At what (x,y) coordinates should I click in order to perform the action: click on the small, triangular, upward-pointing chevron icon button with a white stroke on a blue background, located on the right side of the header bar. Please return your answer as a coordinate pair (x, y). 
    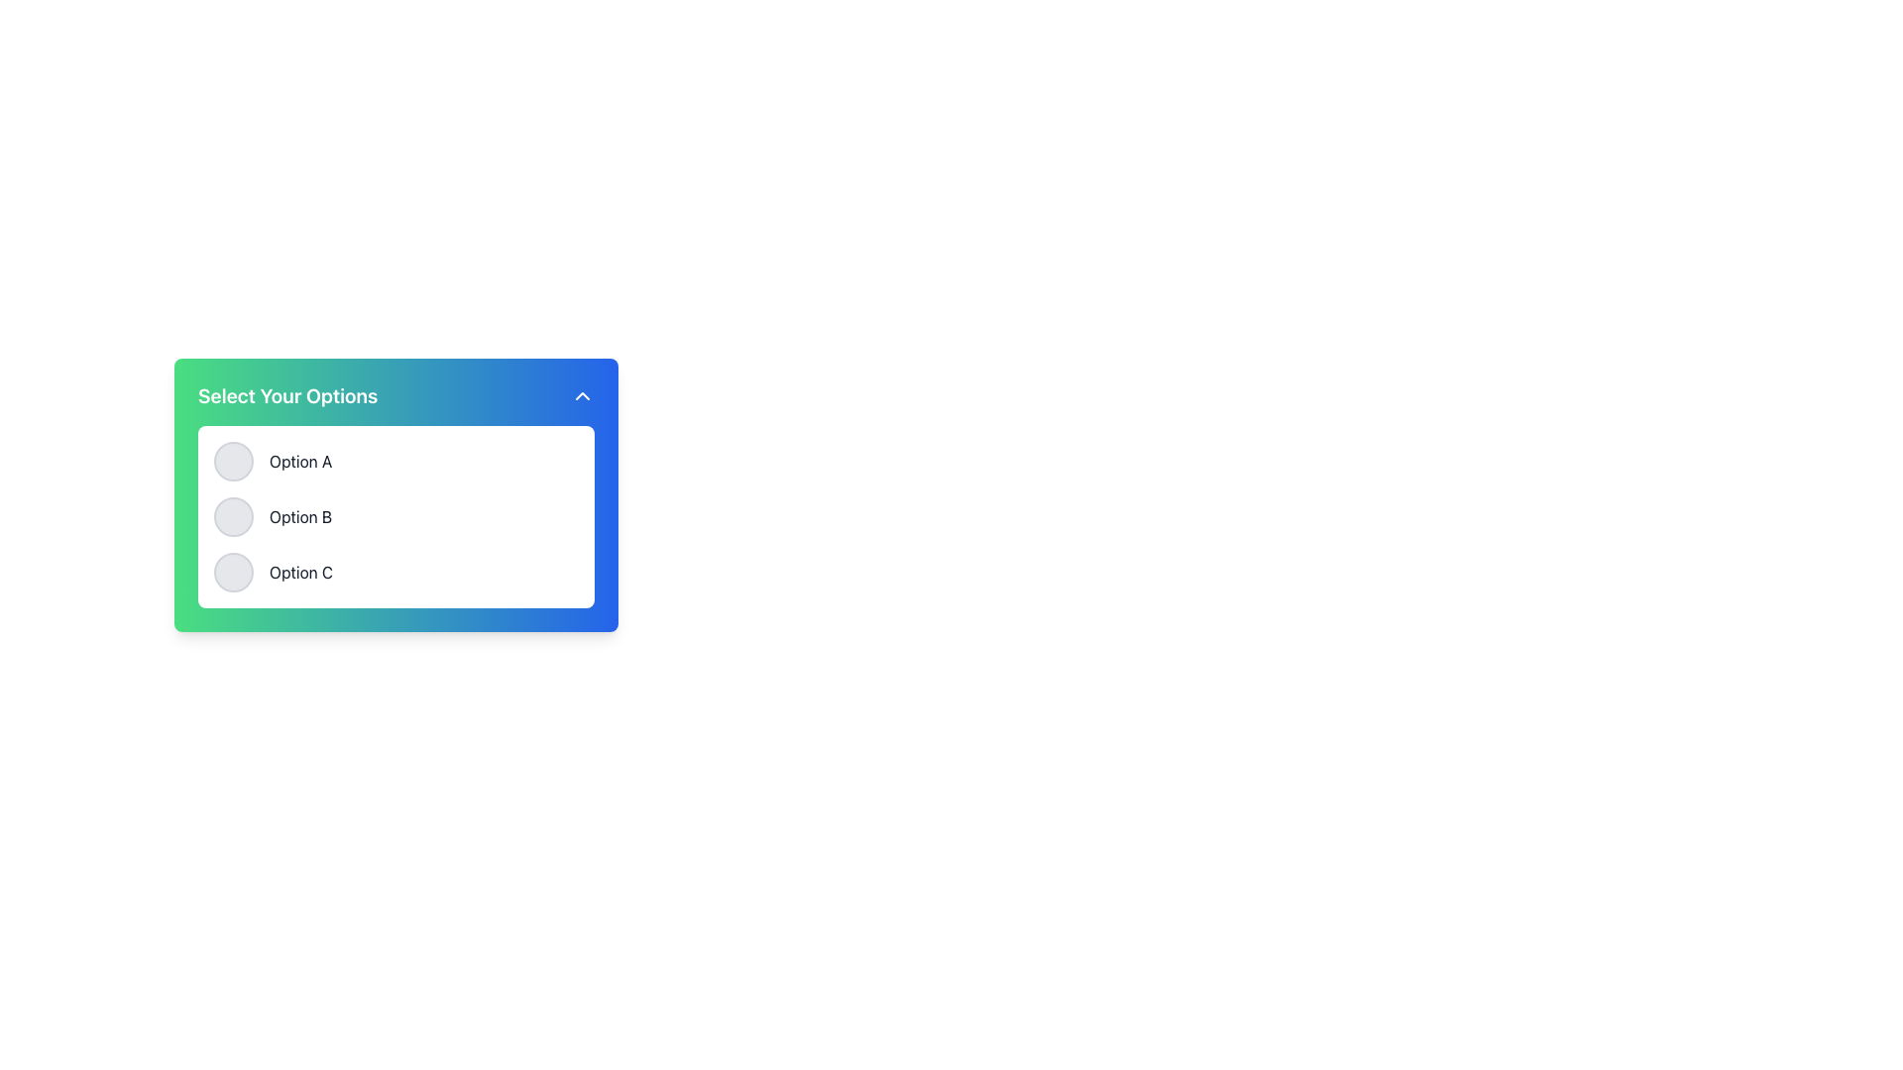
    Looking at the image, I should click on (582, 396).